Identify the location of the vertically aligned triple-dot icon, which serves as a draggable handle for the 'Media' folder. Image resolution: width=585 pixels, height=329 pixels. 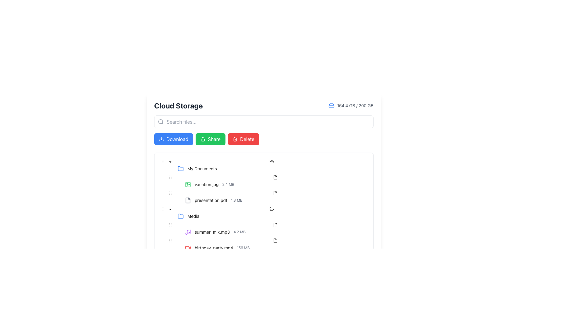
(170, 240).